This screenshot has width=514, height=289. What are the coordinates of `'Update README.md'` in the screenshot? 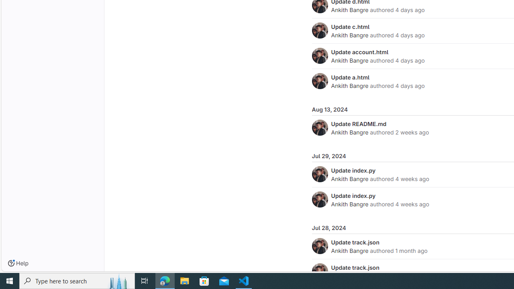 It's located at (358, 124).